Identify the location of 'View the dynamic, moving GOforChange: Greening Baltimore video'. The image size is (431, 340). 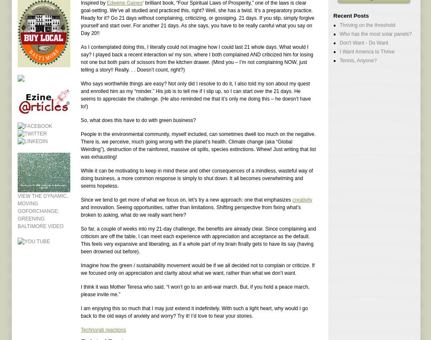
(43, 211).